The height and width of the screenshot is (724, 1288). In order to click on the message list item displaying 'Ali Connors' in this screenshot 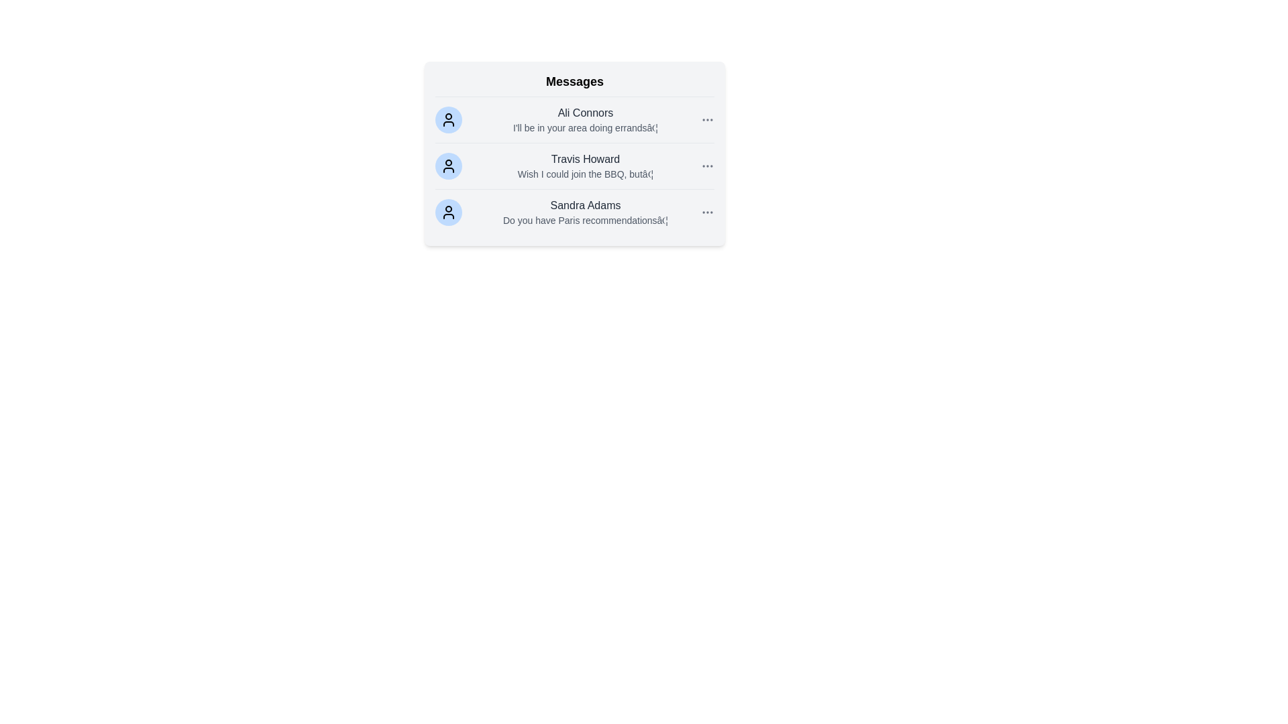, I will do `click(586, 119)`.